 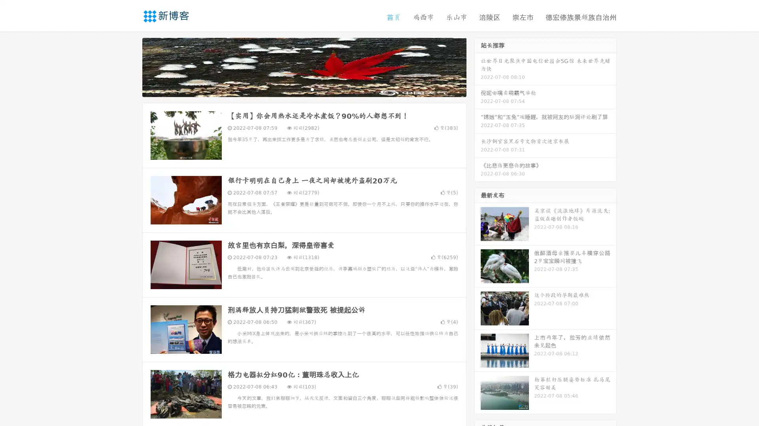 What do you see at coordinates (296, 89) in the screenshot?
I see `Go to slide 1` at bounding box center [296, 89].